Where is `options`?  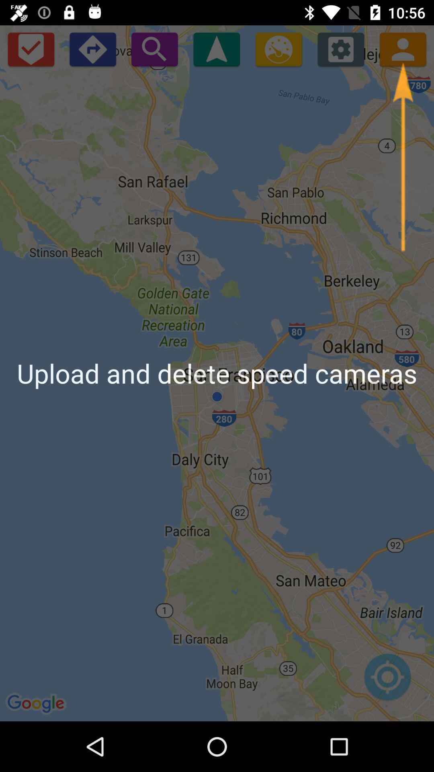
options is located at coordinates (341, 49).